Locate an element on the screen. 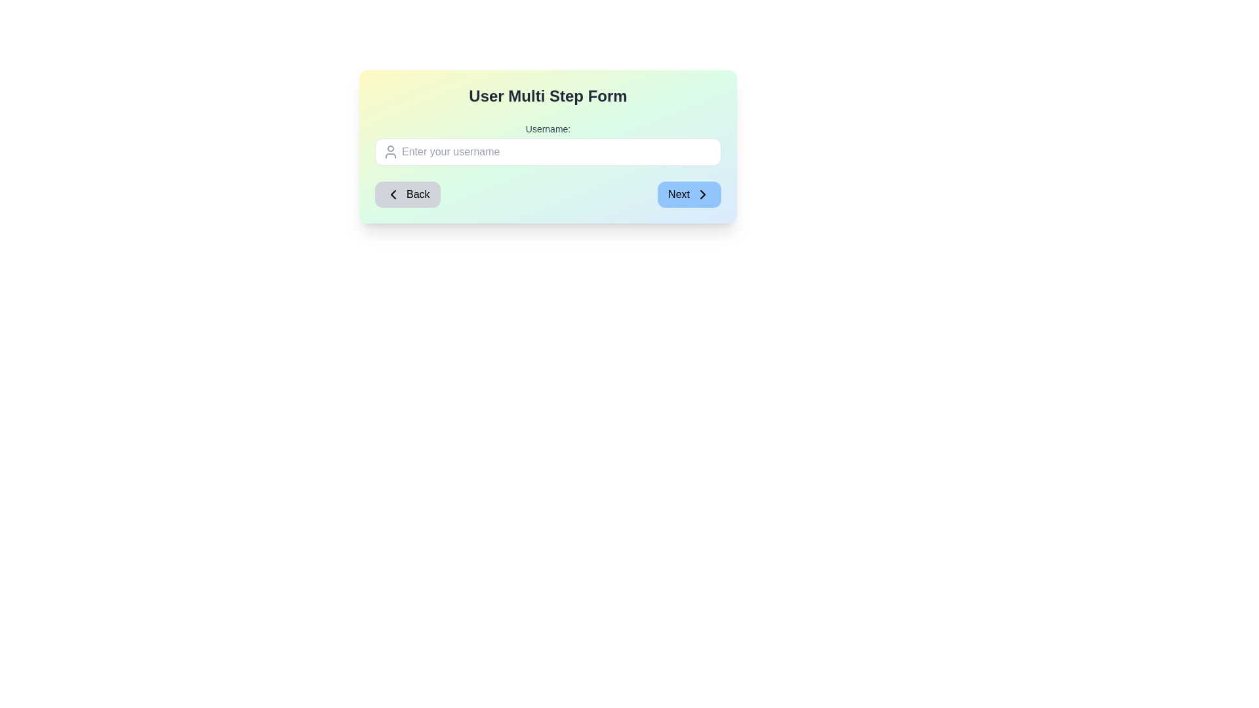 The height and width of the screenshot is (708, 1259). the leftward-facing chevron icon within the 'Back' button is located at coordinates (393, 195).